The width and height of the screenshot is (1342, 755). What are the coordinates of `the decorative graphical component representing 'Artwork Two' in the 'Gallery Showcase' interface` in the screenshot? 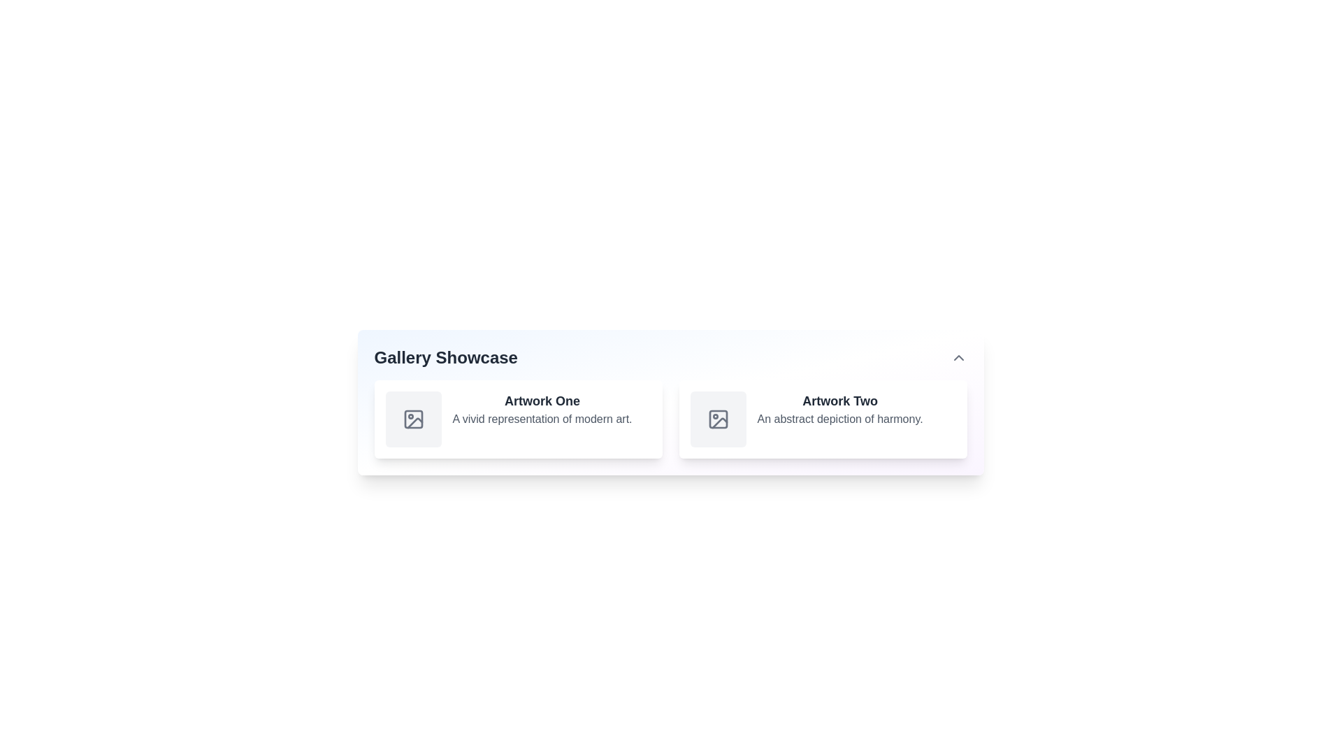 It's located at (718, 419).